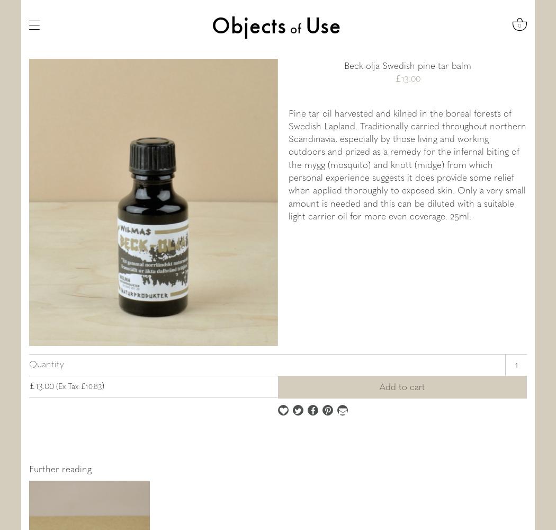  Describe the element at coordinates (407, 64) in the screenshot. I see `'Beck-olja Swedish pine-tar balm'` at that location.